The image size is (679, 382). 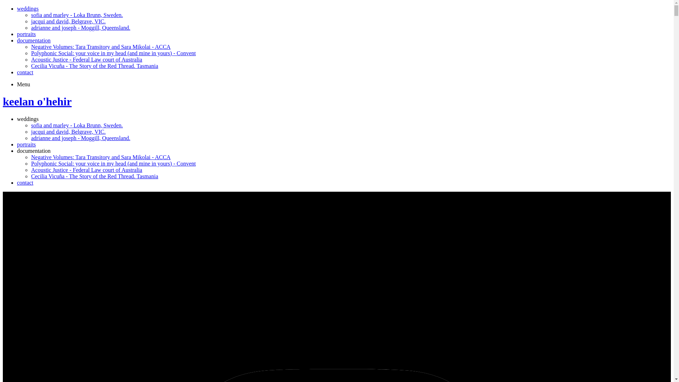 I want to click on 'keelan o'hehir', so click(x=37, y=101).